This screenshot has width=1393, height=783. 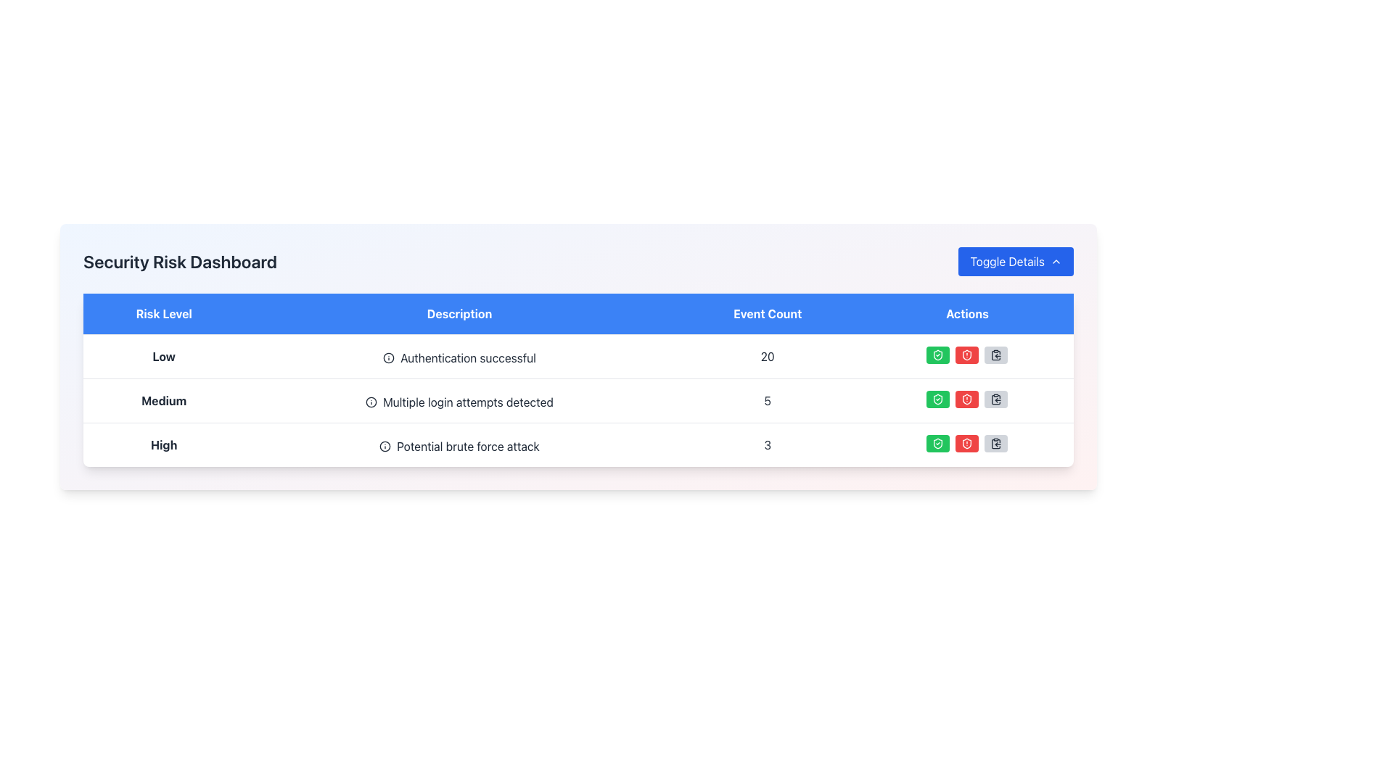 What do you see at coordinates (938, 399) in the screenshot?
I see `the shield icon with a check mark inside, located in the first green action button of the 'Medium' risk level row in the 'Actions' column of the table` at bounding box center [938, 399].